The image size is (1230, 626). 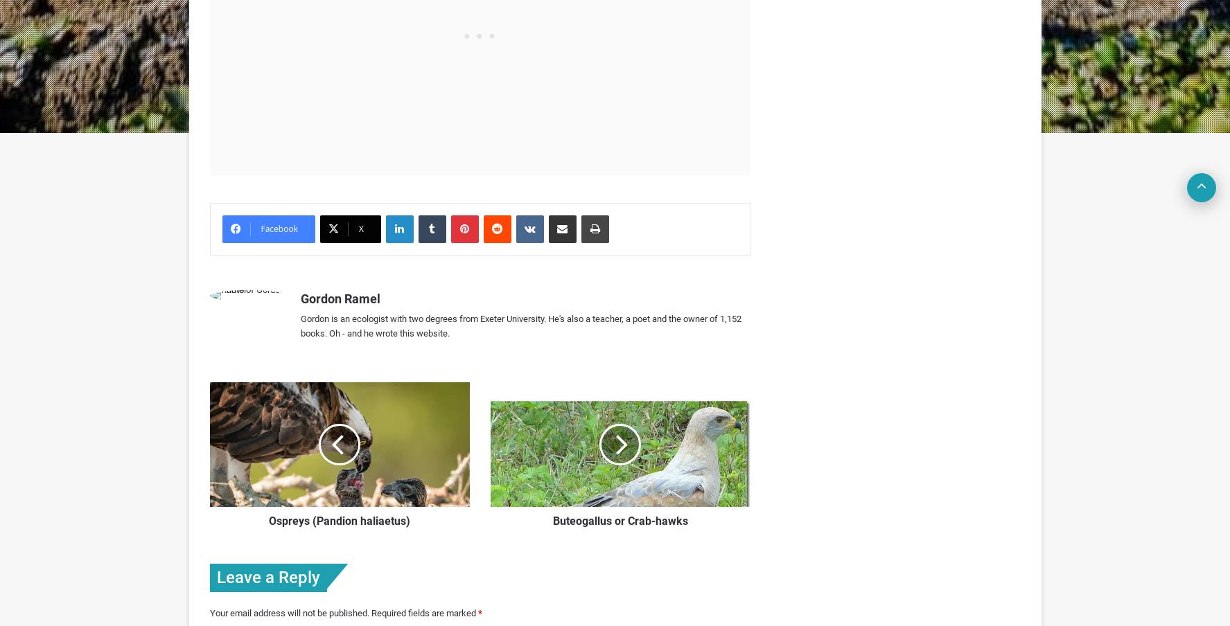 What do you see at coordinates (477, 612) in the screenshot?
I see `'*'` at bounding box center [477, 612].